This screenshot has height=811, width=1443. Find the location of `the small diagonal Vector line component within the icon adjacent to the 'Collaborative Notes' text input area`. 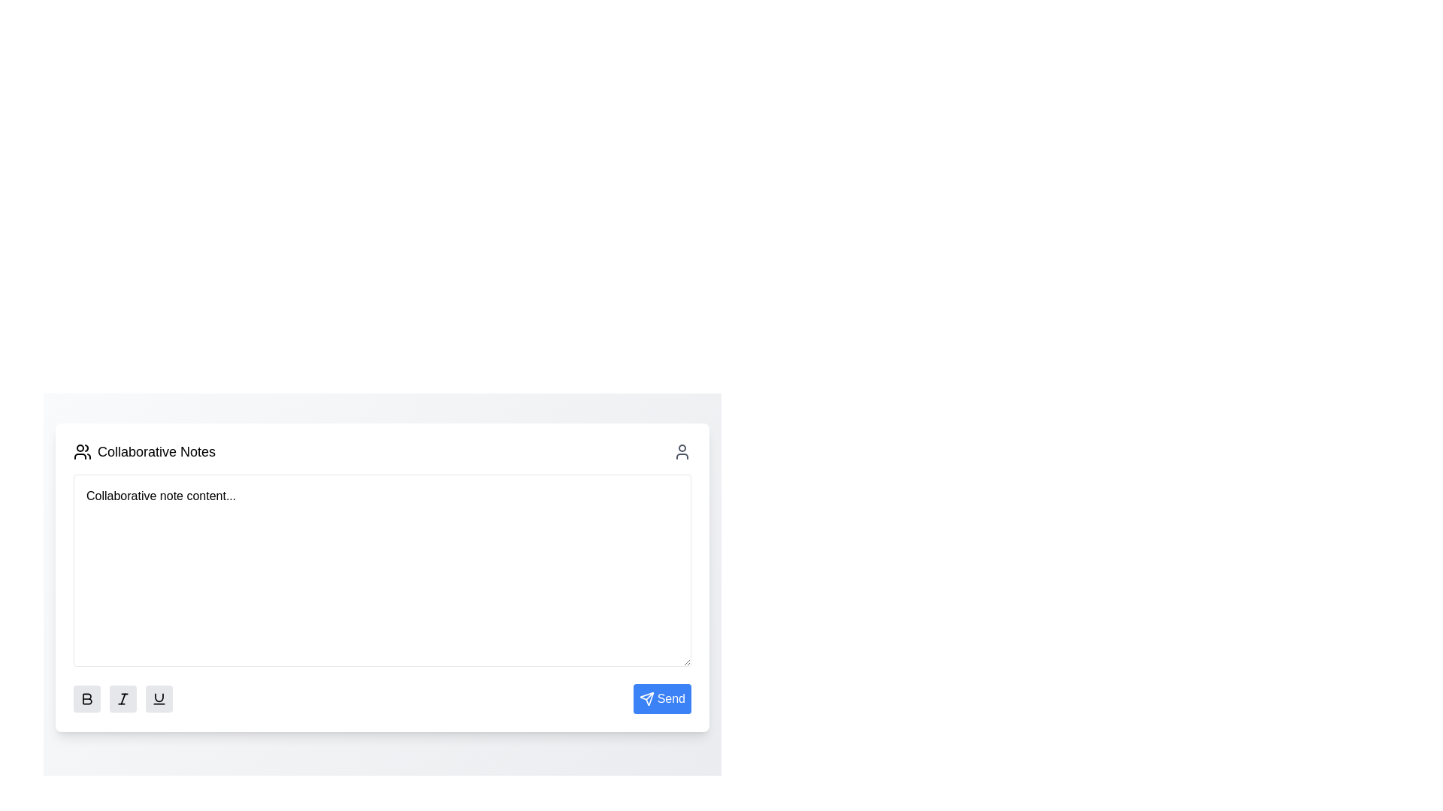

the small diagonal Vector line component within the icon adjacent to the 'Collaborative Notes' text input area is located at coordinates (649, 696).